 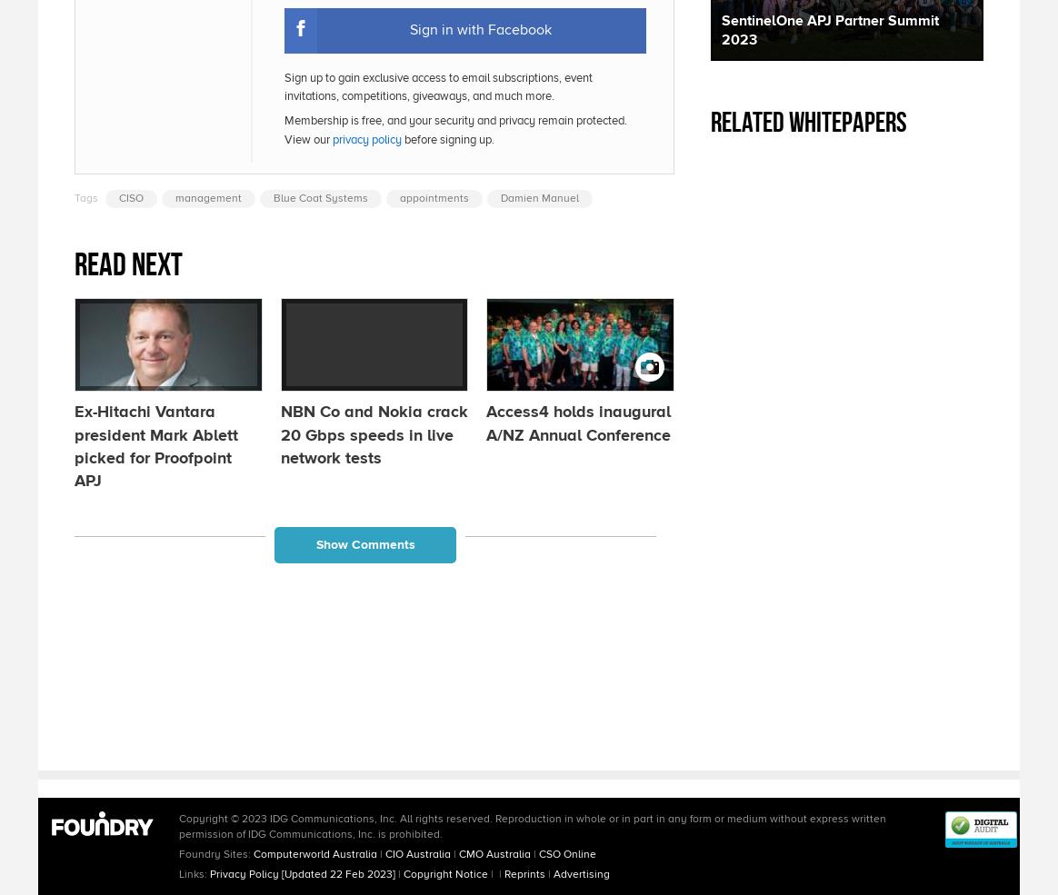 I want to click on 'Copyright Notice', so click(x=445, y=873).